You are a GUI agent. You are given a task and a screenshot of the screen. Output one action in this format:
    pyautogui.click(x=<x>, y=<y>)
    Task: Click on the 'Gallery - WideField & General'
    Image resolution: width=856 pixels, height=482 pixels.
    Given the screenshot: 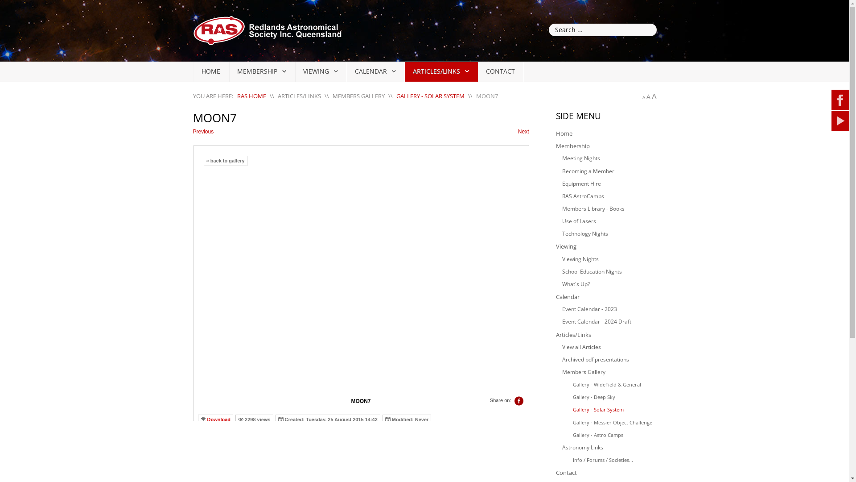 What is the action you would take?
    pyautogui.click(x=611, y=384)
    